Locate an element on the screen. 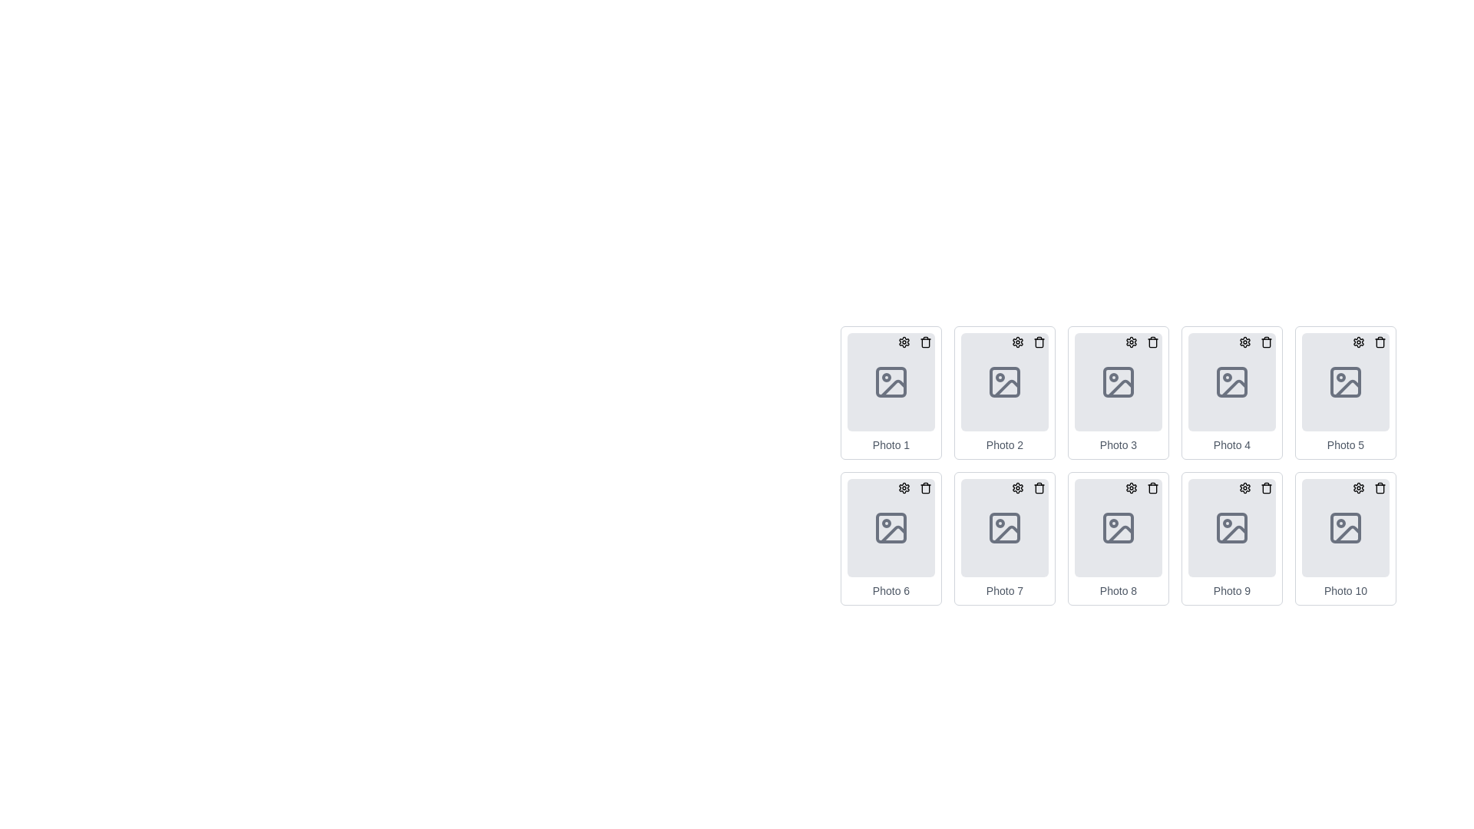 This screenshot has width=1474, height=829. the gray picture frame icon, which represents an image or photo, located in the center of the seventh card in a two-row grid layout is located at coordinates (1005, 527).